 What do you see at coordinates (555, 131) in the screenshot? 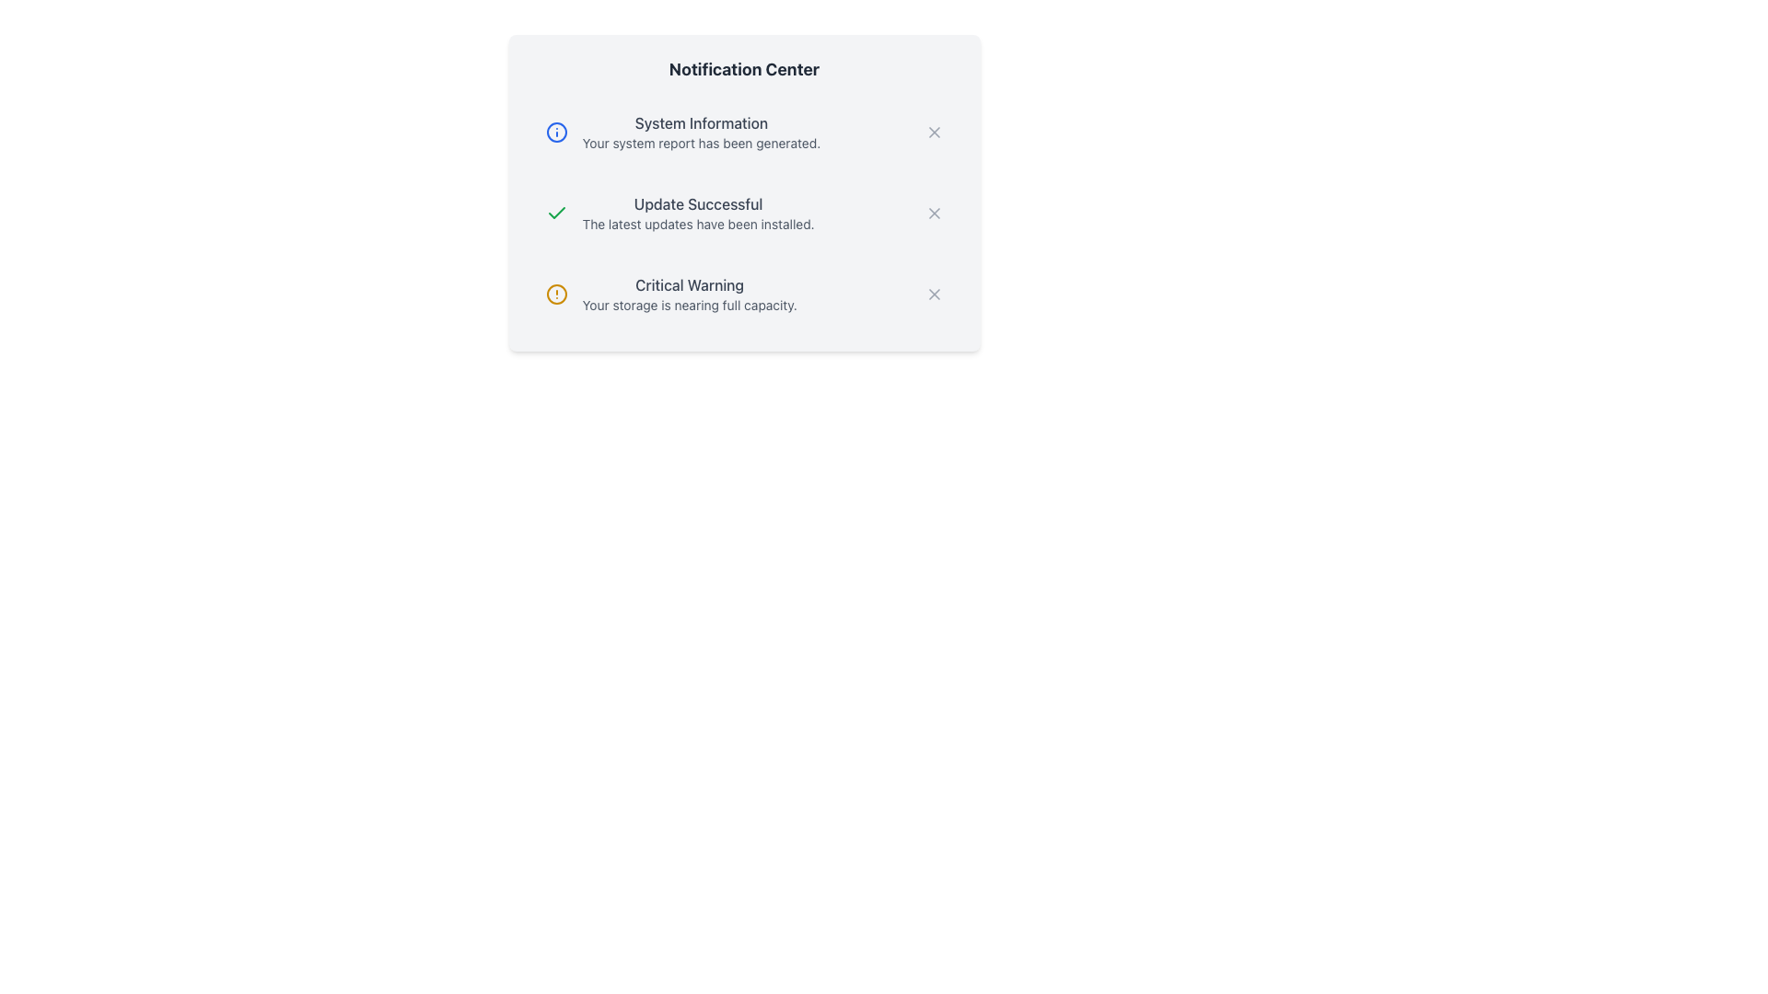
I see `the blue circular outline icon resembling an information symbol located on the left side of the 'System Information' message in the notification card` at bounding box center [555, 131].